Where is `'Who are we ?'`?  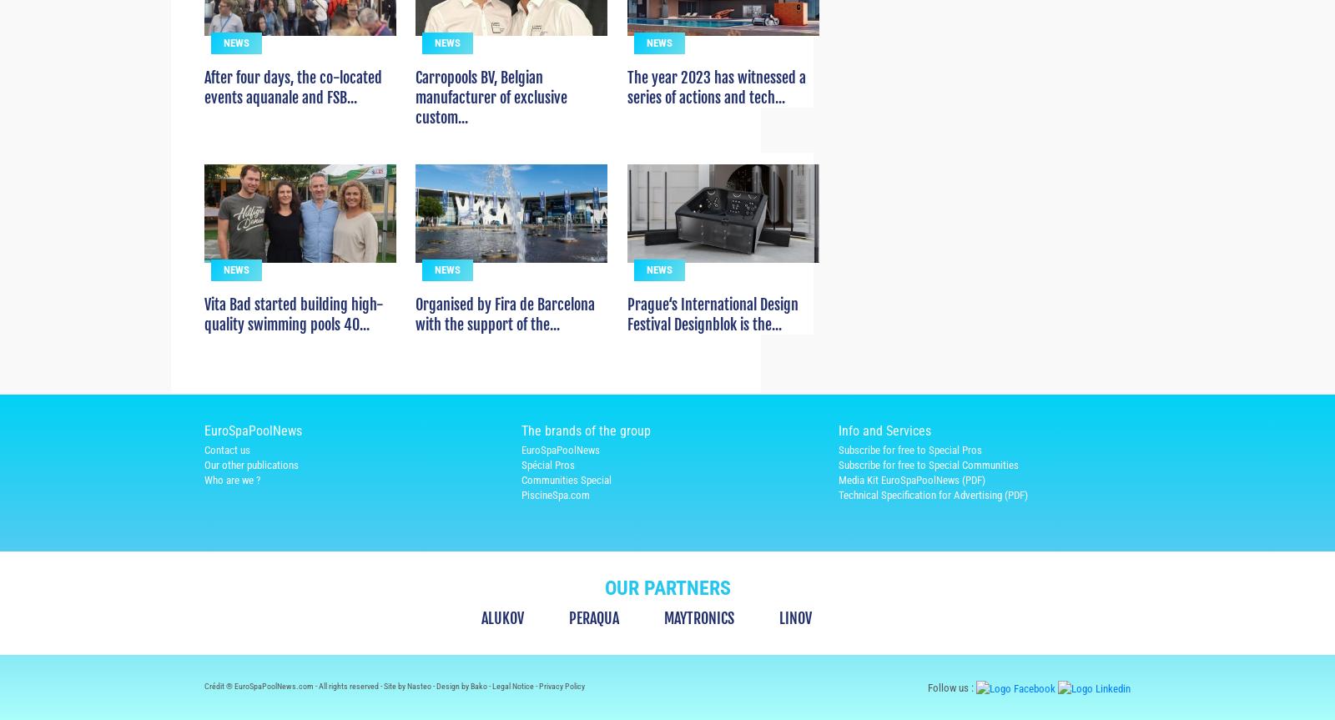
'Who are we ?' is located at coordinates (232, 509).